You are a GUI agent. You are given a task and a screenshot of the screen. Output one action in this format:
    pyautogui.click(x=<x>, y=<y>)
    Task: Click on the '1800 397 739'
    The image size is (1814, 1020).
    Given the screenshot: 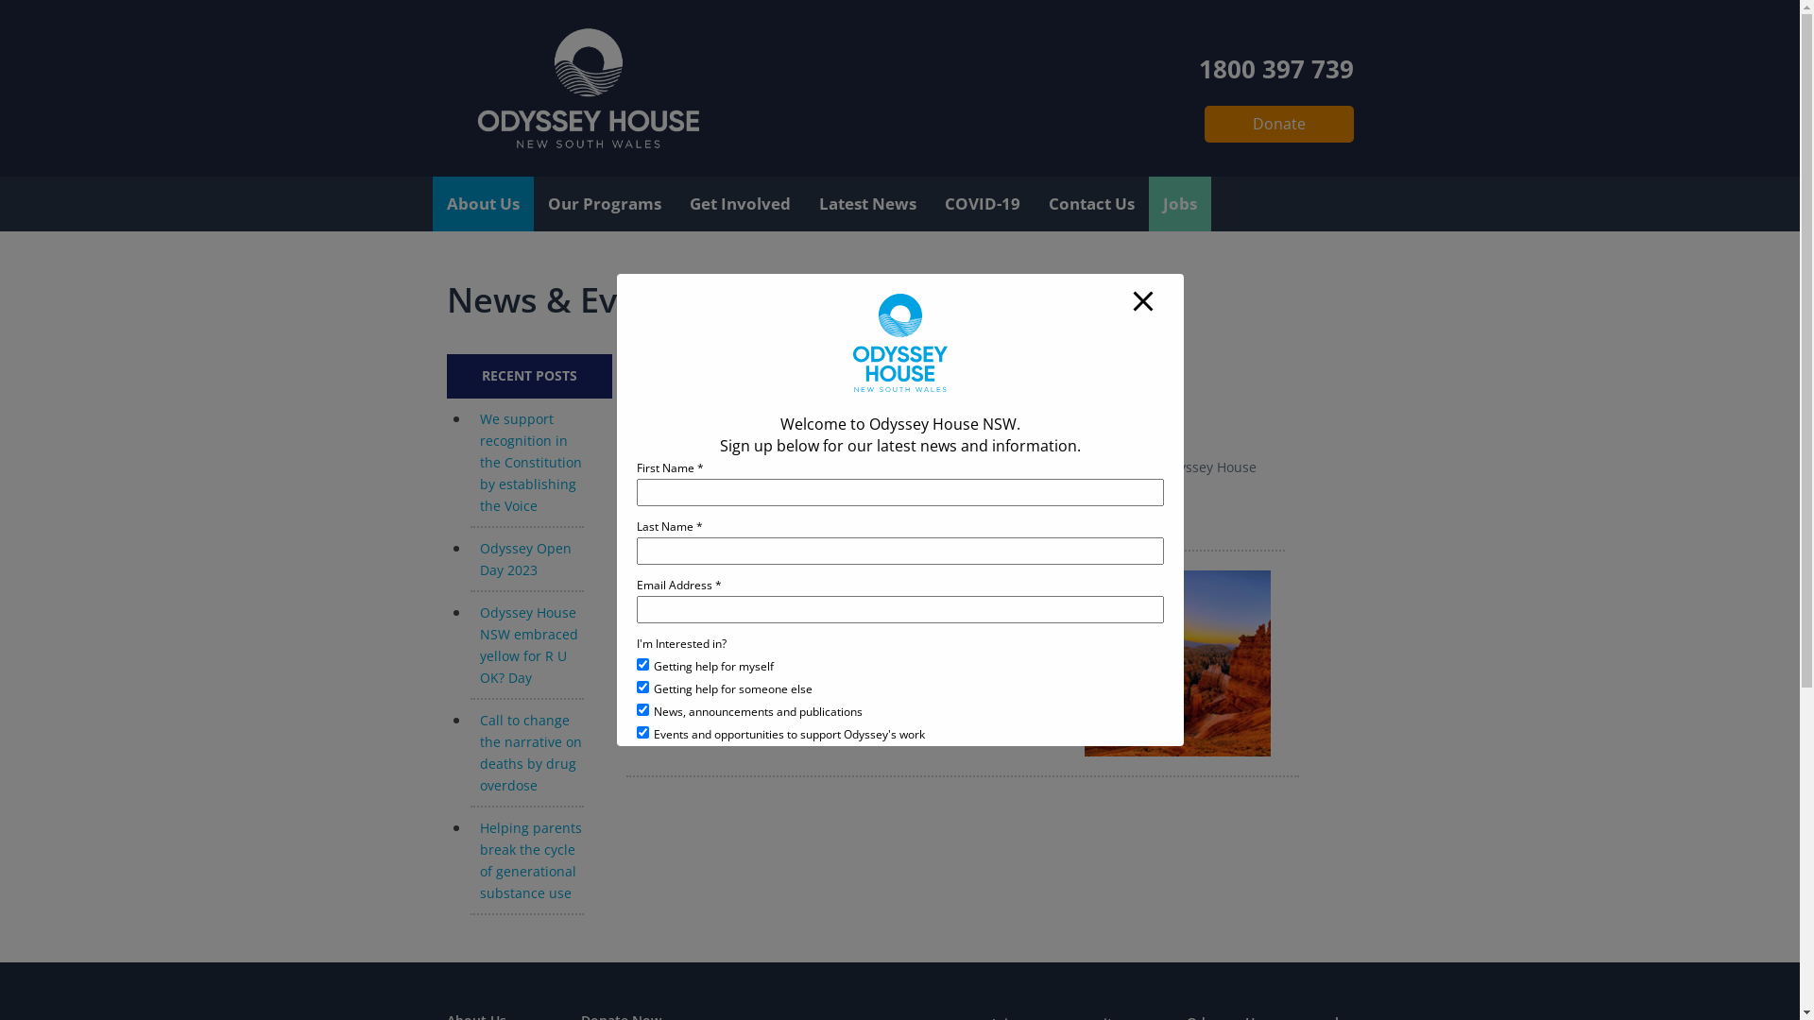 What is the action you would take?
    pyautogui.click(x=1275, y=64)
    